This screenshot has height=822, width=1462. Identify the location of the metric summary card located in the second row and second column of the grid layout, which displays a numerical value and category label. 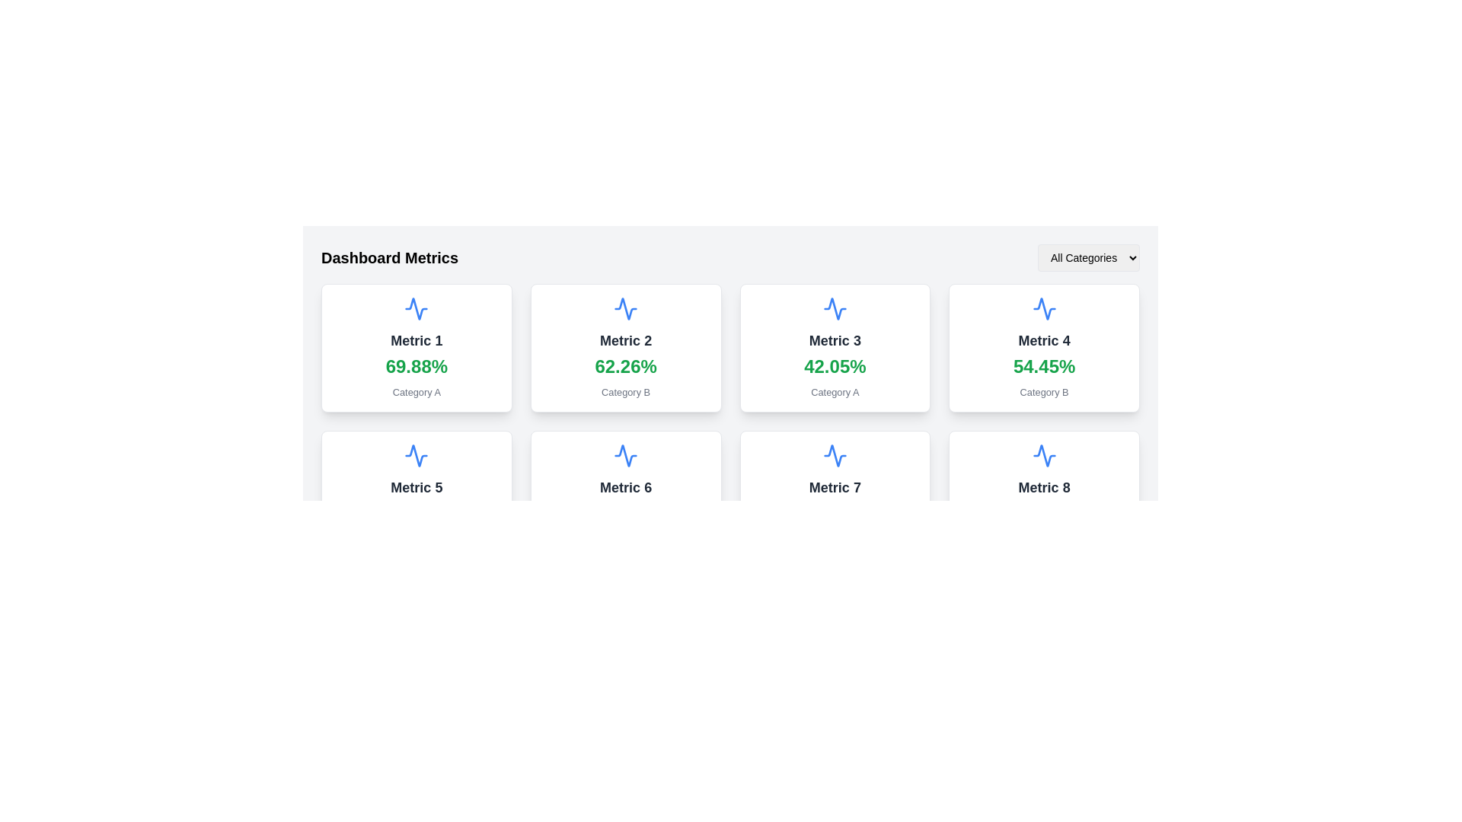
(626, 495).